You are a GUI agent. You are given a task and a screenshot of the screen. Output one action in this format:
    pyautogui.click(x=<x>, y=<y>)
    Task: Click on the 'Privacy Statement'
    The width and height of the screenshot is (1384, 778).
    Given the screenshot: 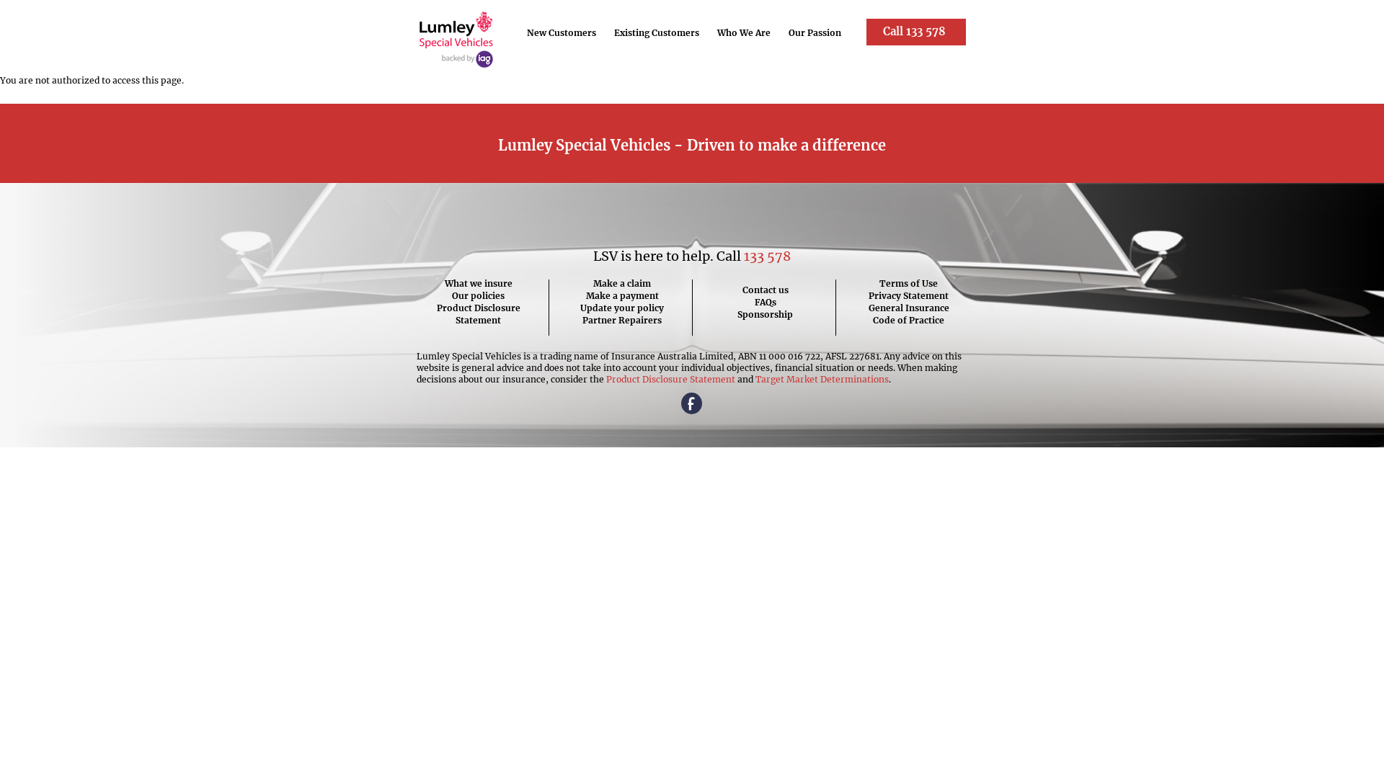 What is the action you would take?
    pyautogui.click(x=908, y=295)
    